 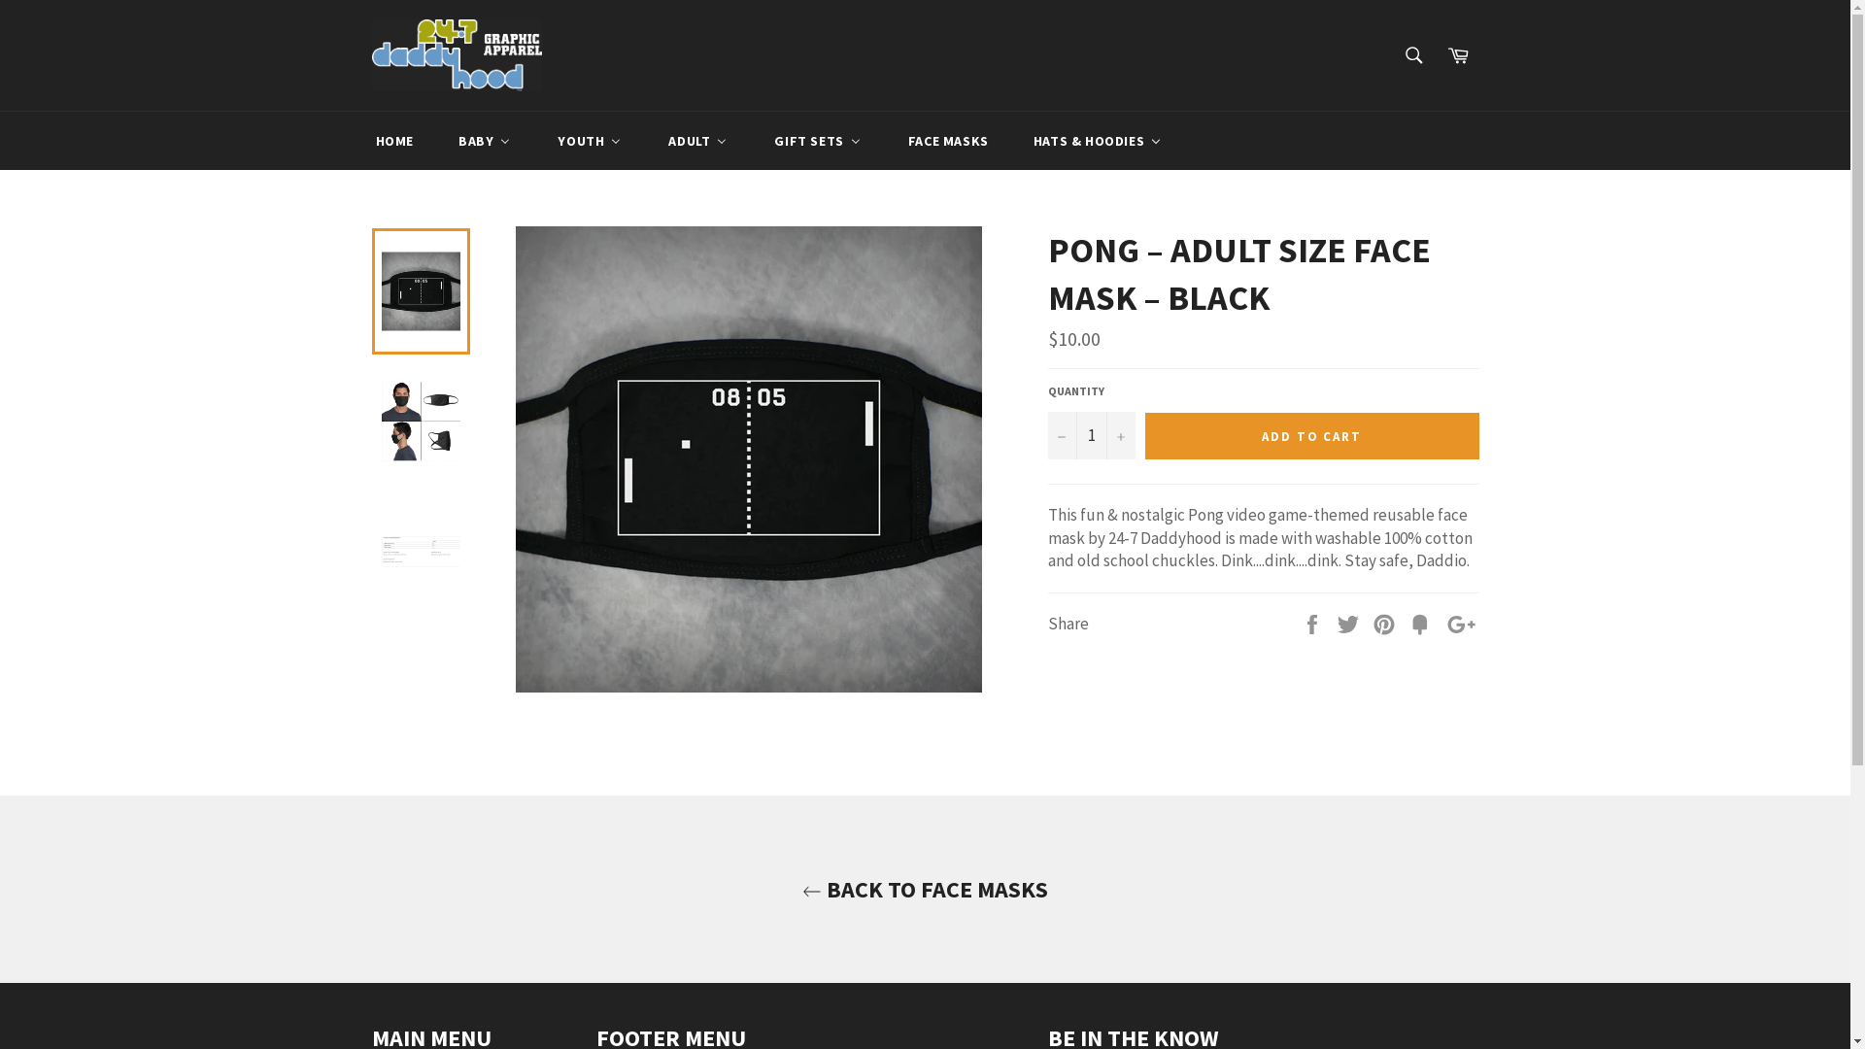 I want to click on 'YOUTH', so click(x=588, y=140).